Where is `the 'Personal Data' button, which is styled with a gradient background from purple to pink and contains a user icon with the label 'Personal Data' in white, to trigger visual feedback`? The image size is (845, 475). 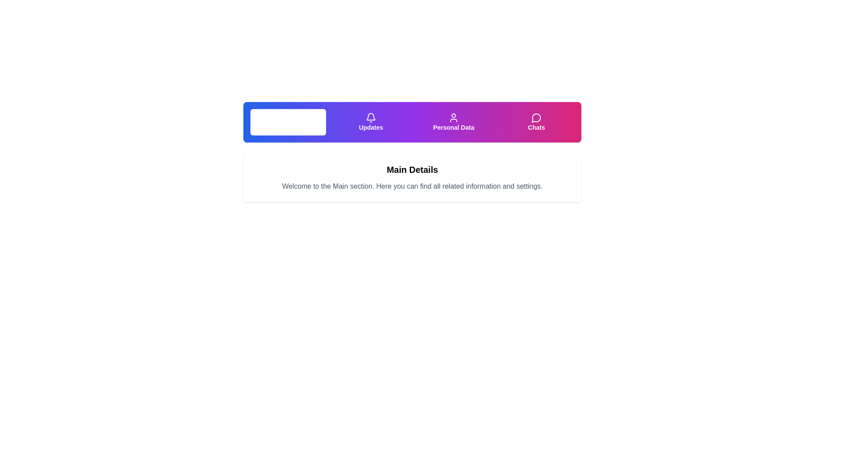
the 'Personal Data' button, which is styled with a gradient background from purple to pink and contains a user icon with the label 'Personal Data' in white, to trigger visual feedback is located at coordinates (454, 122).